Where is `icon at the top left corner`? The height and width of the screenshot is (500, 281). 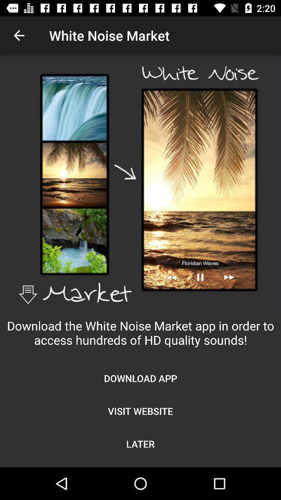
icon at the top left corner is located at coordinates (19, 35).